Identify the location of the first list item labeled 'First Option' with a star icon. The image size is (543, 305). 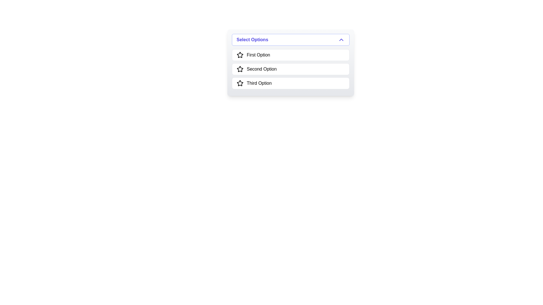
(253, 55).